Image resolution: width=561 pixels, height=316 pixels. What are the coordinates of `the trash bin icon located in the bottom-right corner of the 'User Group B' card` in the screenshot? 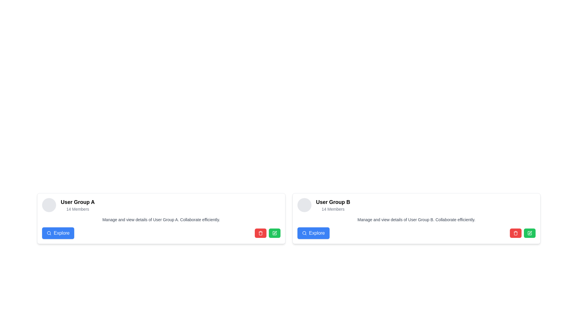 It's located at (516, 233).